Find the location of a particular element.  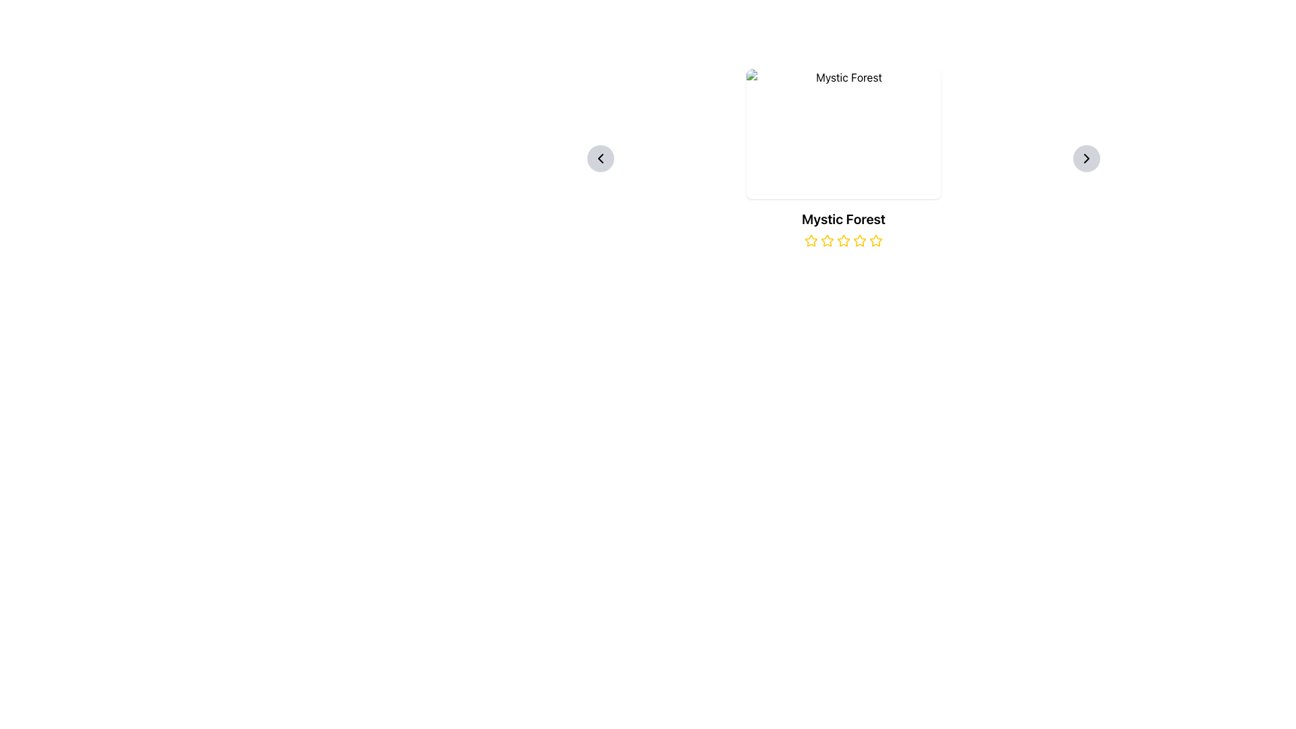

the fourth star icon is located at coordinates (859, 240).